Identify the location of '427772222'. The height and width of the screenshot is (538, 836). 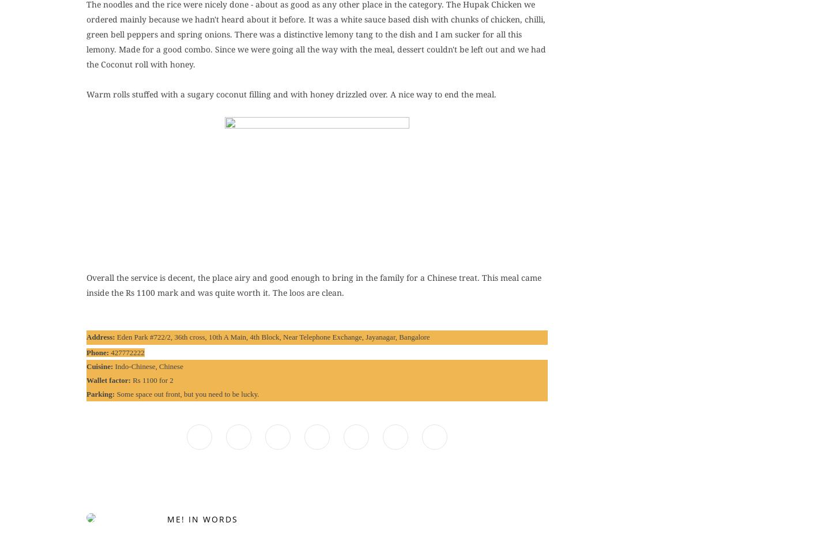
(126, 352).